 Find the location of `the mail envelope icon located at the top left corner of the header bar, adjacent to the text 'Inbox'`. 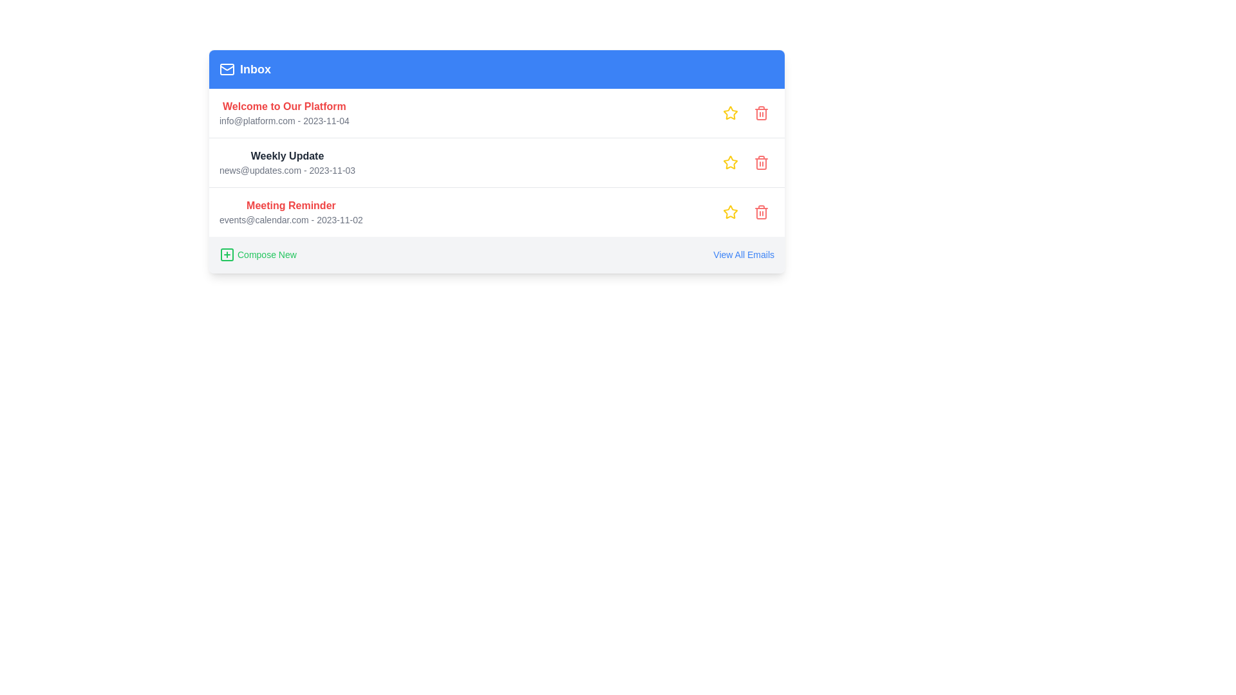

the mail envelope icon located at the top left corner of the header bar, adjacent to the text 'Inbox' is located at coordinates (227, 69).